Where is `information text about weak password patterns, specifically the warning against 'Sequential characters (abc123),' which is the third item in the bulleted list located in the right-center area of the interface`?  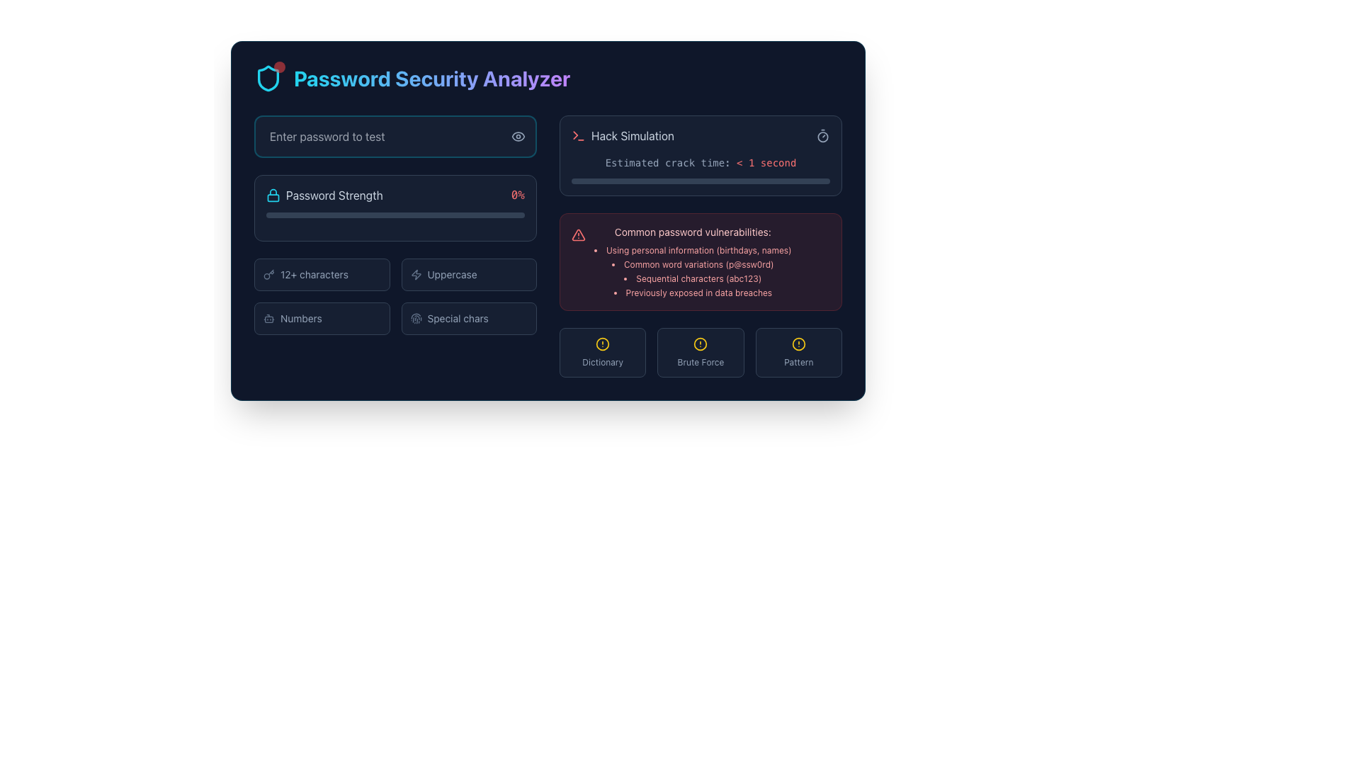
information text about weak password patterns, specifically the warning against 'Sequential characters (abc123),' which is the third item in the bulleted list located in the right-center area of the interface is located at coordinates (693, 278).